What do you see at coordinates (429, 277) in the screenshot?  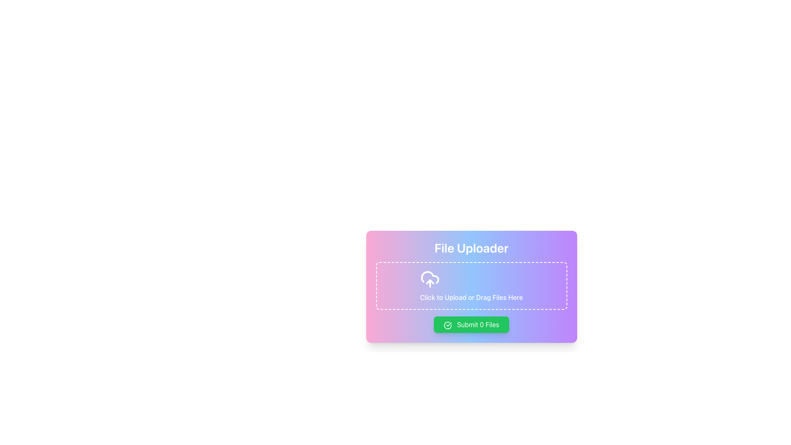 I see `the cloud icon in the file uploader module, which is centrally located above the 'Click to Upload or Drag Files Here.' text prompt` at bounding box center [429, 277].